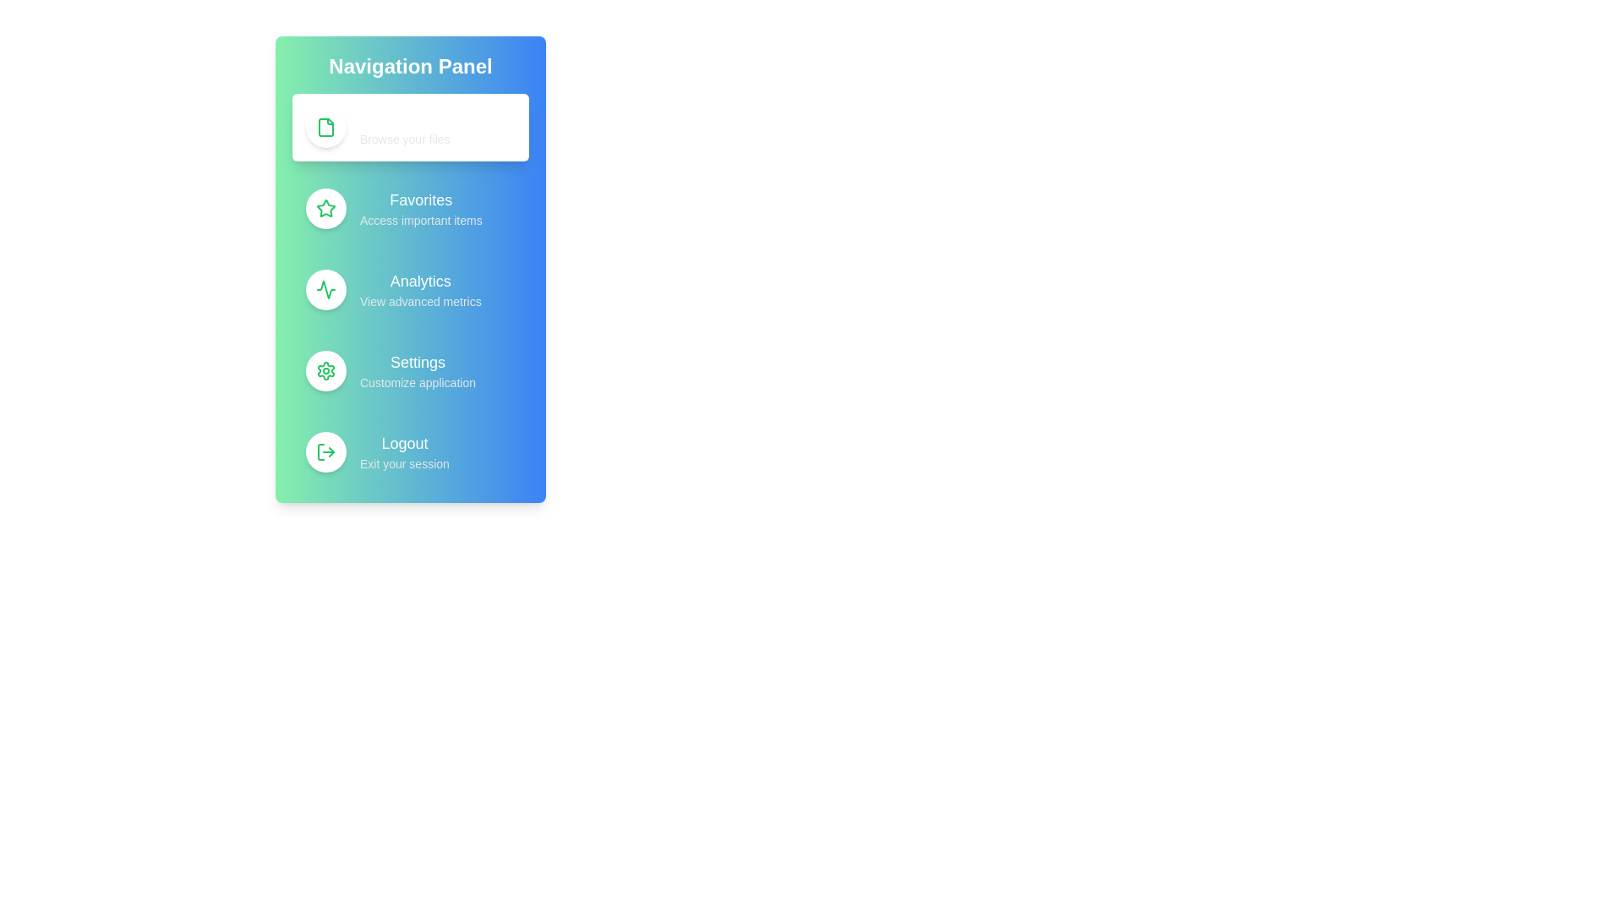  I want to click on the icon for Documents, so click(325, 126).